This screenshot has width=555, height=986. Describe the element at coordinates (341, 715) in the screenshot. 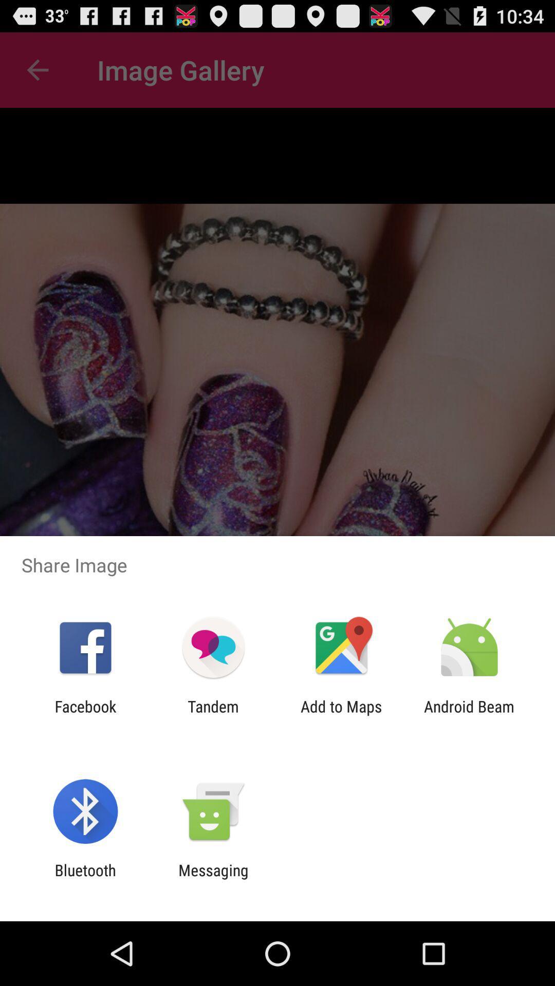

I see `add to maps app` at that location.